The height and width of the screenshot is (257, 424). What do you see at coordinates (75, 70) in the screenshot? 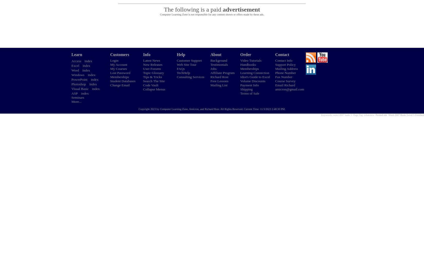
I see `'Word'` at bounding box center [75, 70].